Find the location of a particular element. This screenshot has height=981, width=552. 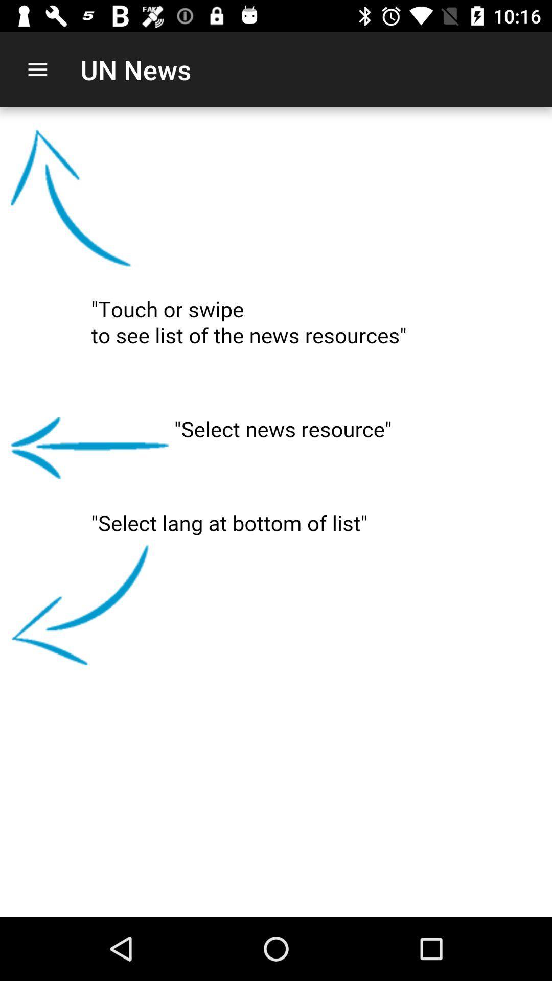

touchscreen directions is located at coordinates (276, 512).